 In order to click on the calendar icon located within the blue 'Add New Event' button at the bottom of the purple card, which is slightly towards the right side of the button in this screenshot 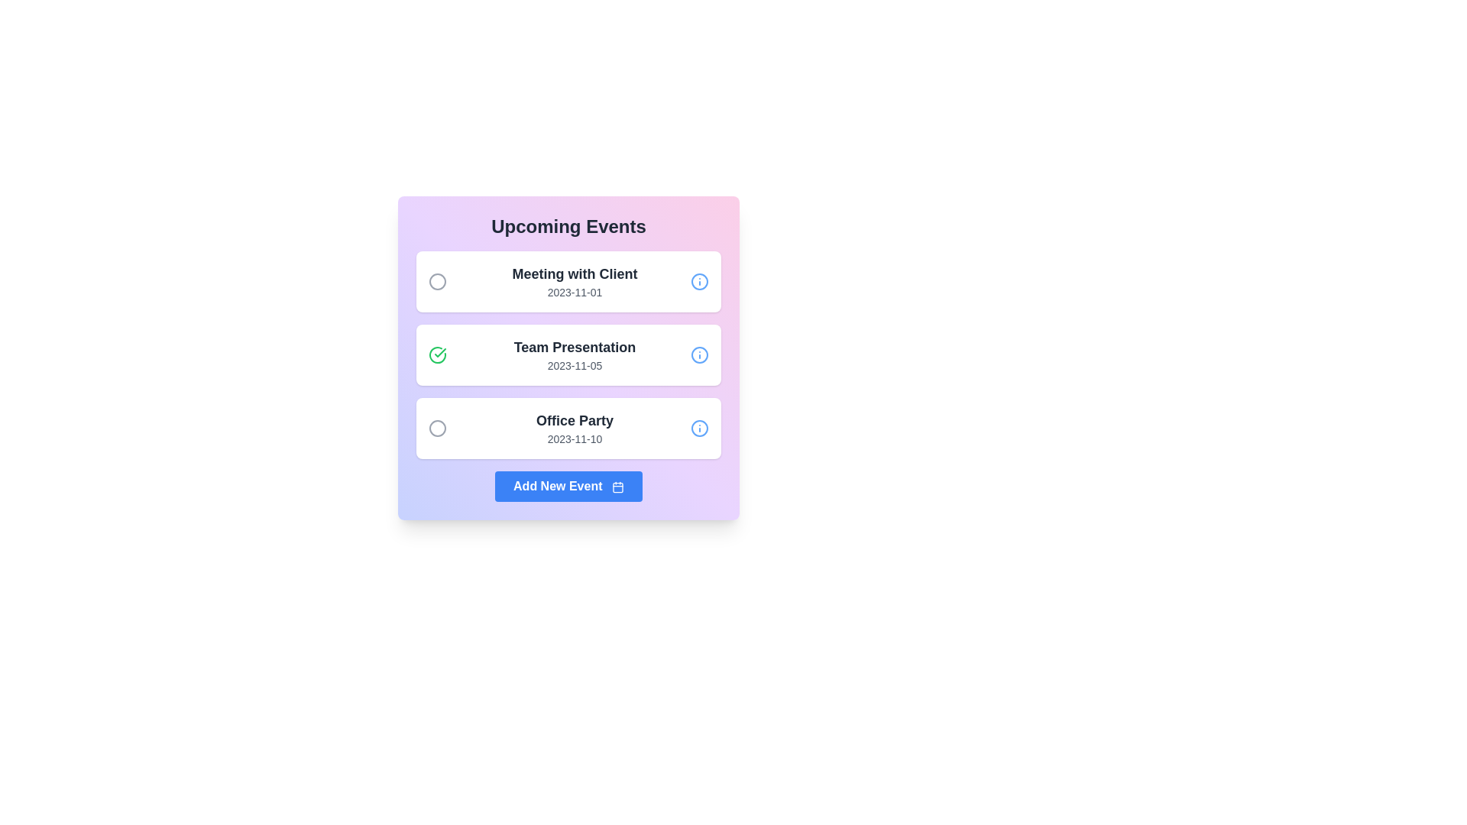, I will do `click(617, 487)`.